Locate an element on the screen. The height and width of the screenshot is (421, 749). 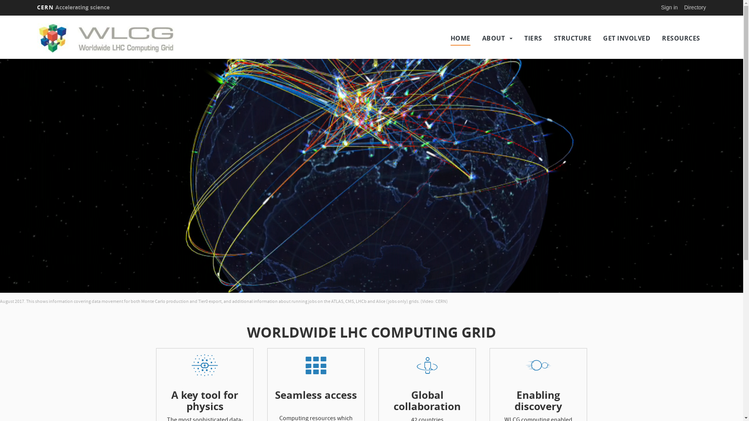
'ABOUT' is located at coordinates (493, 38).